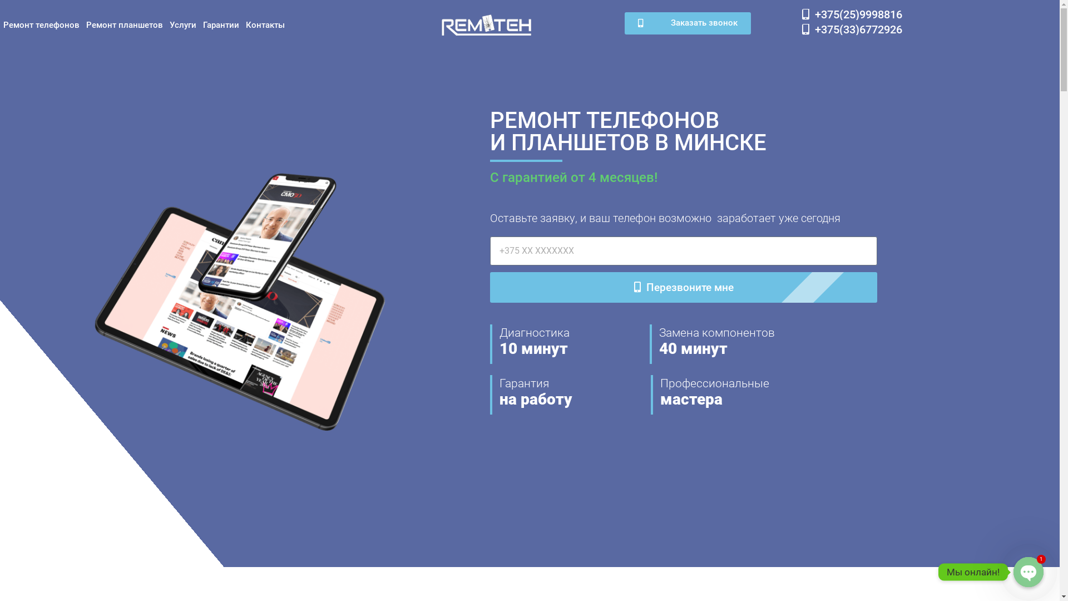 This screenshot has width=1068, height=601. I want to click on '+375(33)6772926', so click(851, 29).